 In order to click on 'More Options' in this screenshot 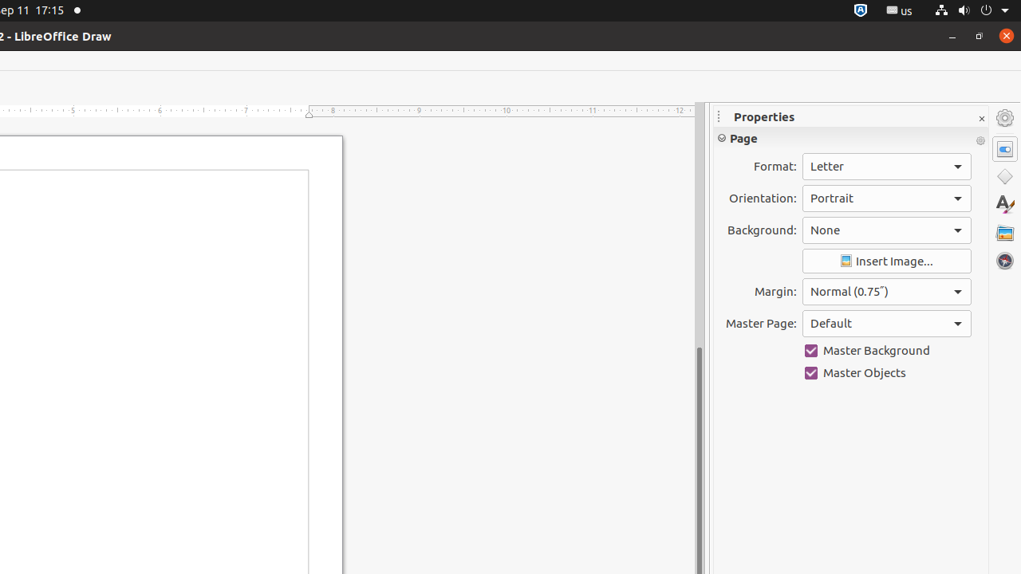, I will do `click(980, 140)`.